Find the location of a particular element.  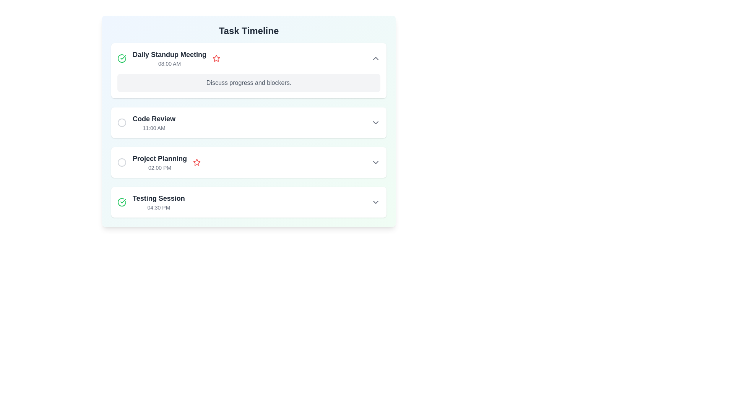

the Static text label displaying 'Code Review', which is positioned in the second task card of the timeline interface, above the '11:00 AM' timestamp is located at coordinates (154, 119).